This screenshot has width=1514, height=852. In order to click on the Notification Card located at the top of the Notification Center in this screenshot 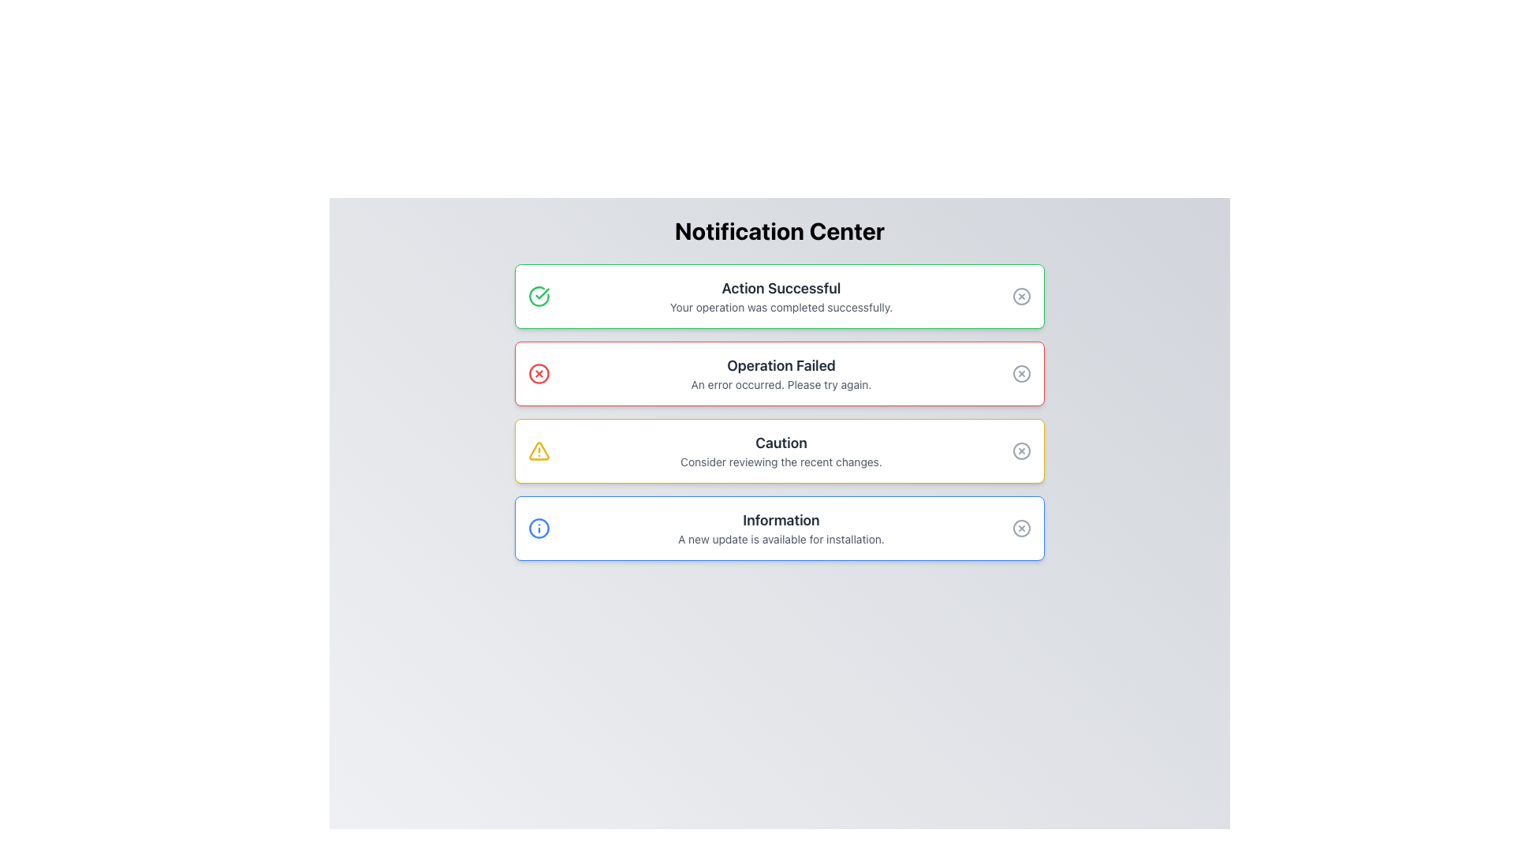, I will do `click(779, 296)`.